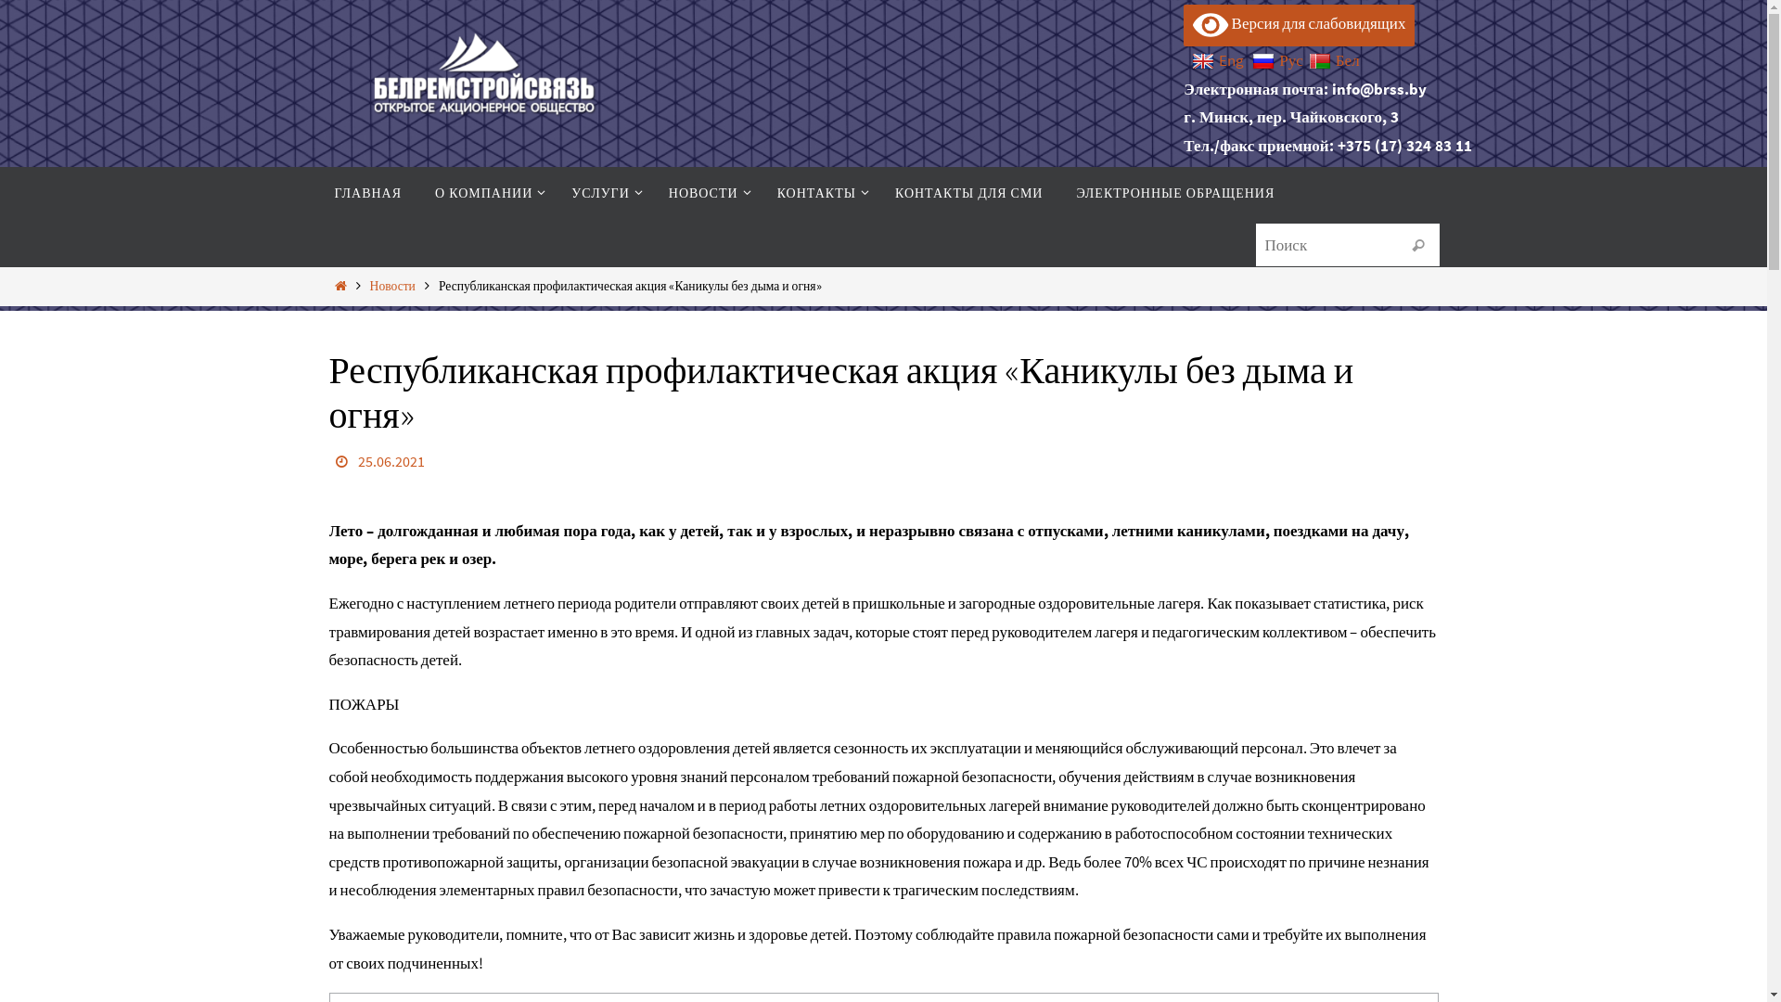 This screenshot has height=1002, width=1781. I want to click on 'Eng', so click(1192, 59).